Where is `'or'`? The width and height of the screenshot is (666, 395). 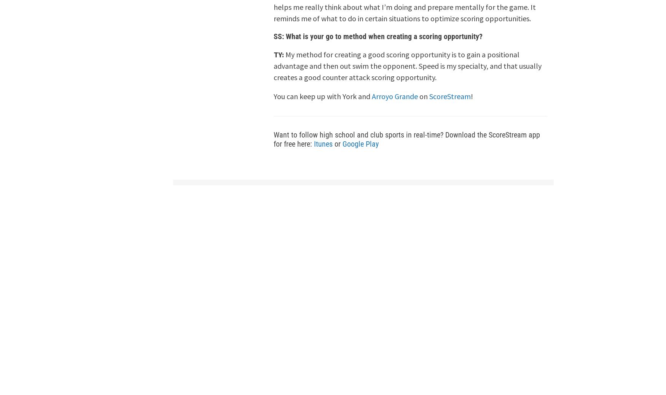 'or' is located at coordinates (337, 143).